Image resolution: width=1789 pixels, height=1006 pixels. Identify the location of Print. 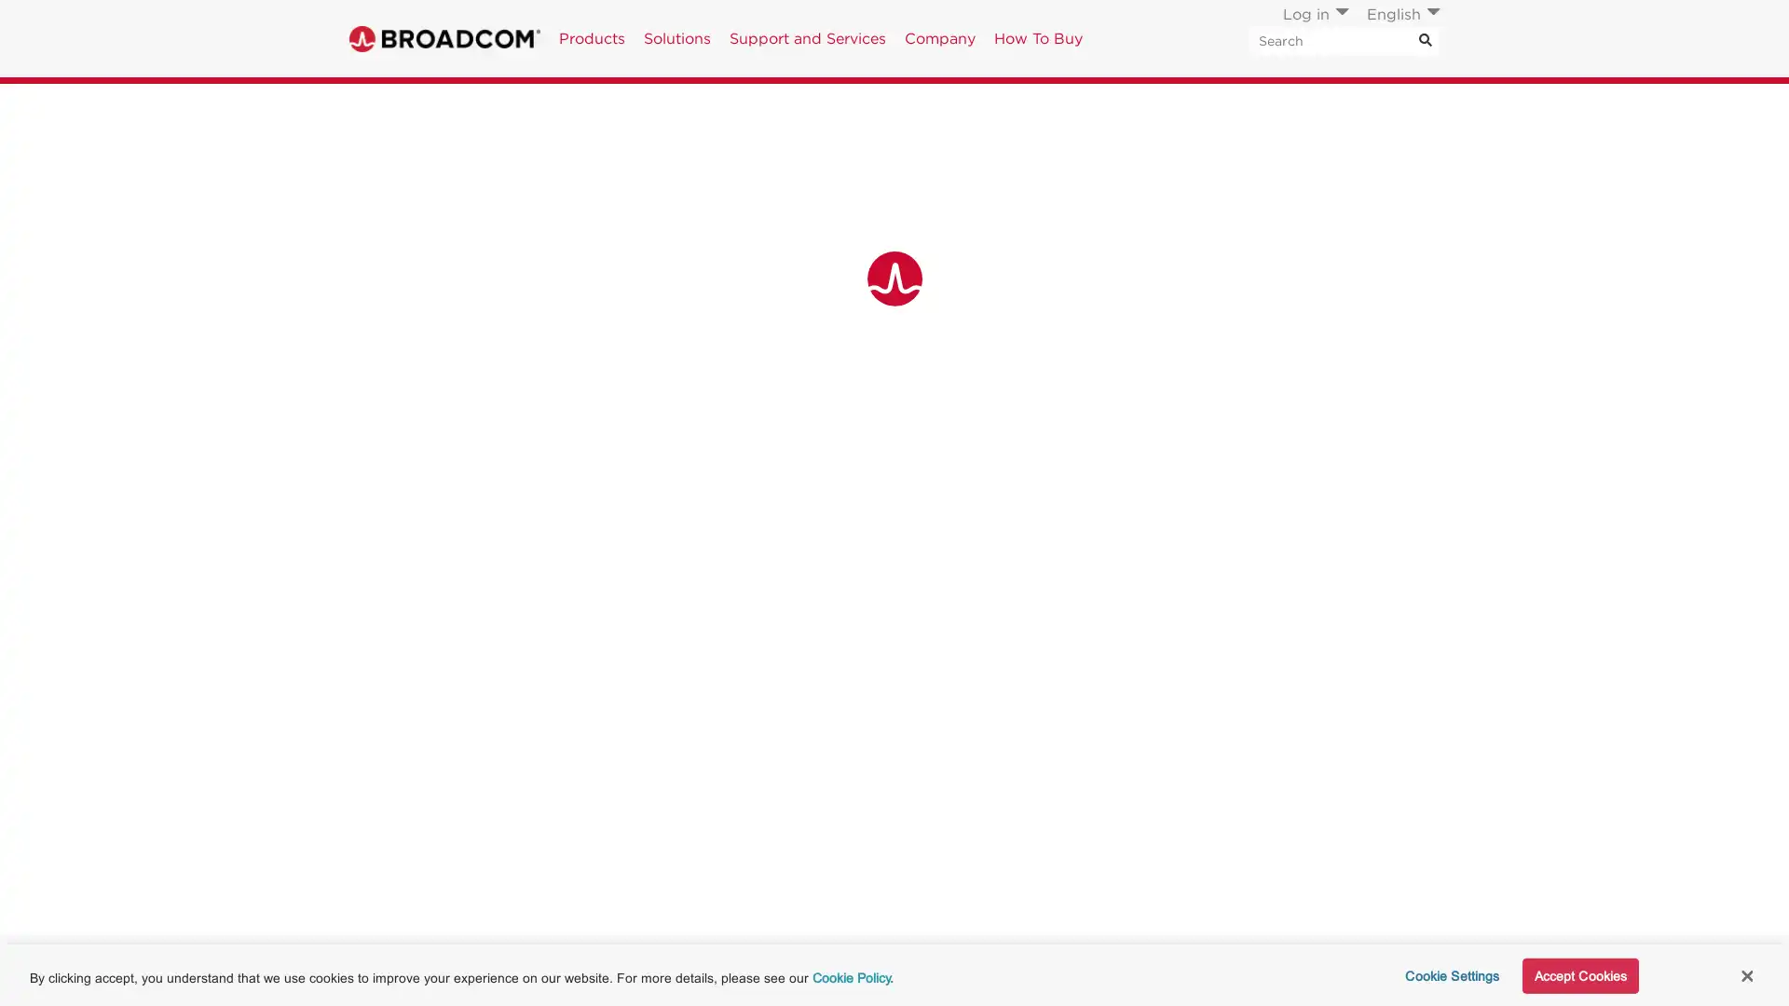
(1308, 104).